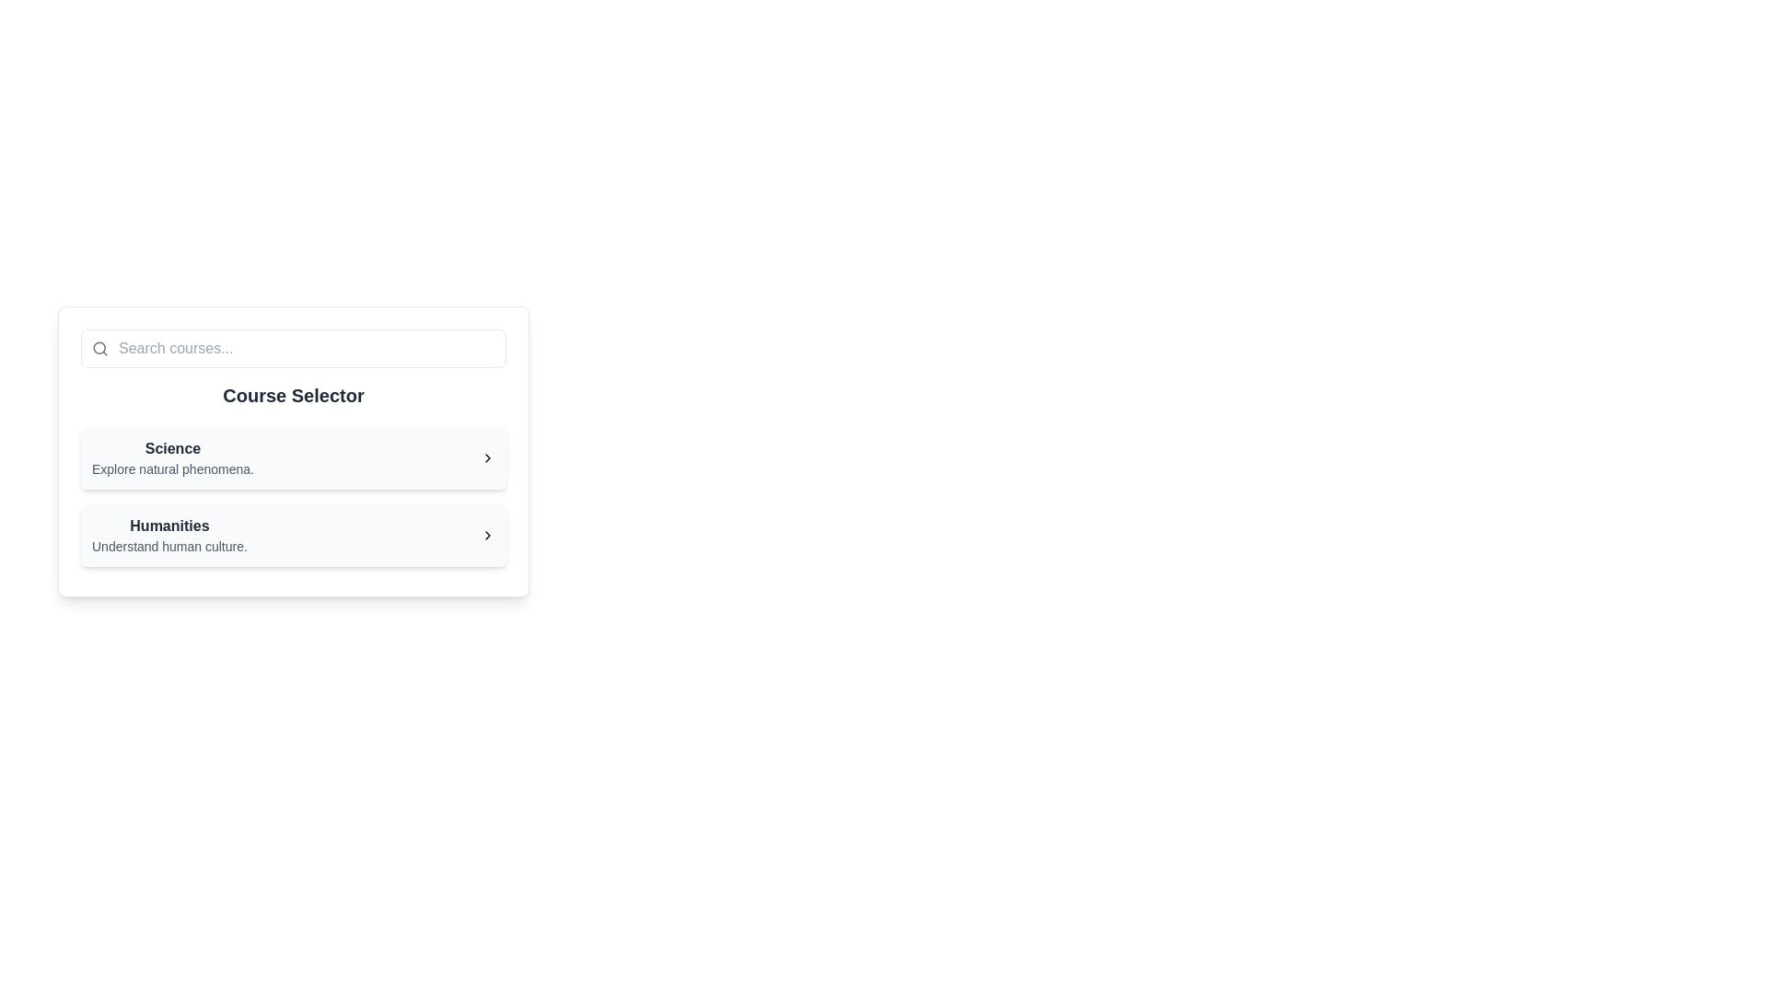 The width and height of the screenshot is (1768, 994). What do you see at coordinates (169, 536) in the screenshot?
I see `the 'Humanities' course category element` at bounding box center [169, 536].